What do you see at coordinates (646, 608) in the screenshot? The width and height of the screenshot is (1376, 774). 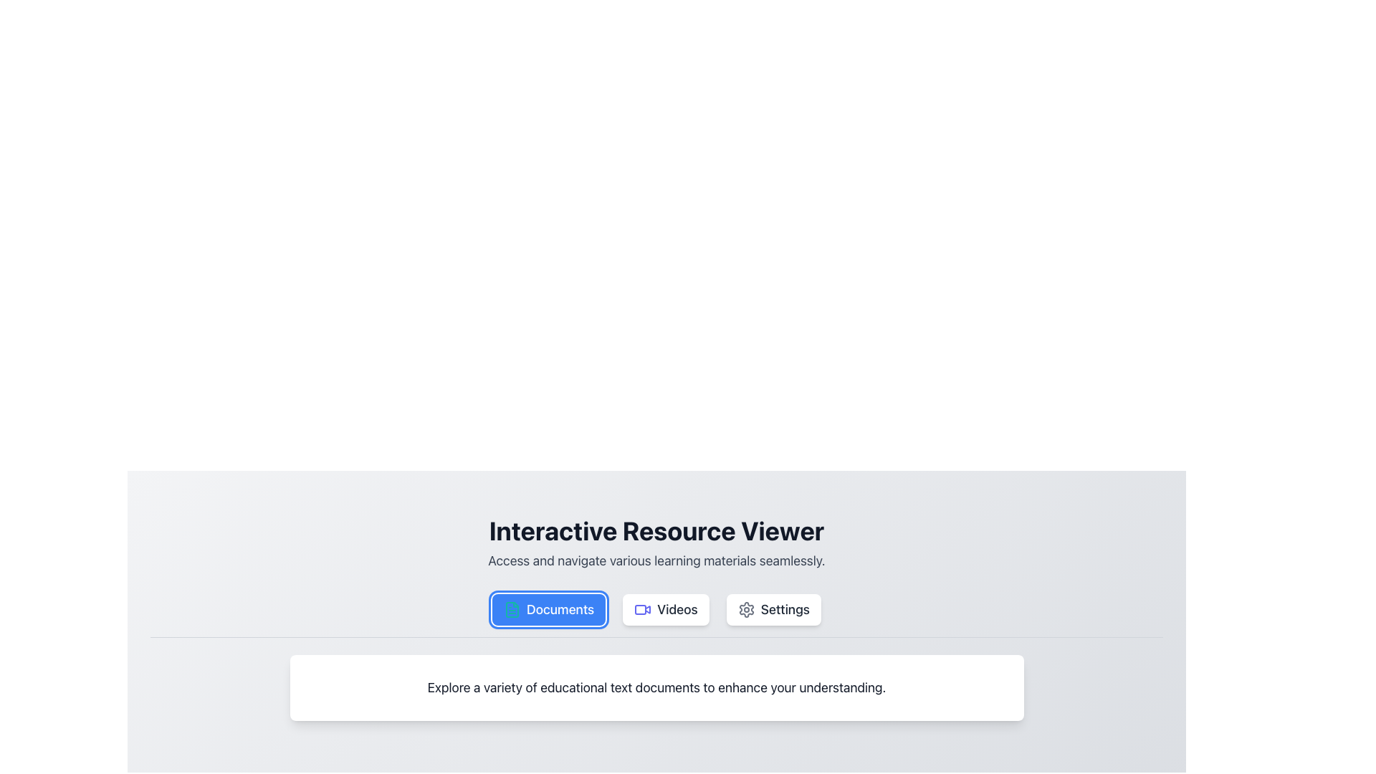 I see `the triangular play icon within the video button` at bounding box center [646, 608].